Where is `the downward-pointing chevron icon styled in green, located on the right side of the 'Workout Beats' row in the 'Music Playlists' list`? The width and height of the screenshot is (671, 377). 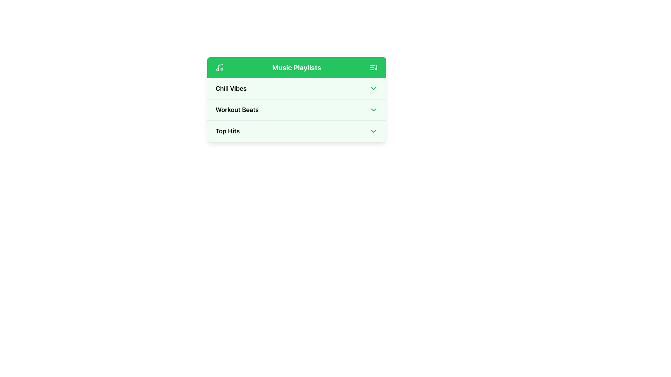
the downward-pointing chevron icon styled in green, located on the right side of the 'Workout Beats' row in the 'Music Playlists' list is located at coordinates (373, 110).